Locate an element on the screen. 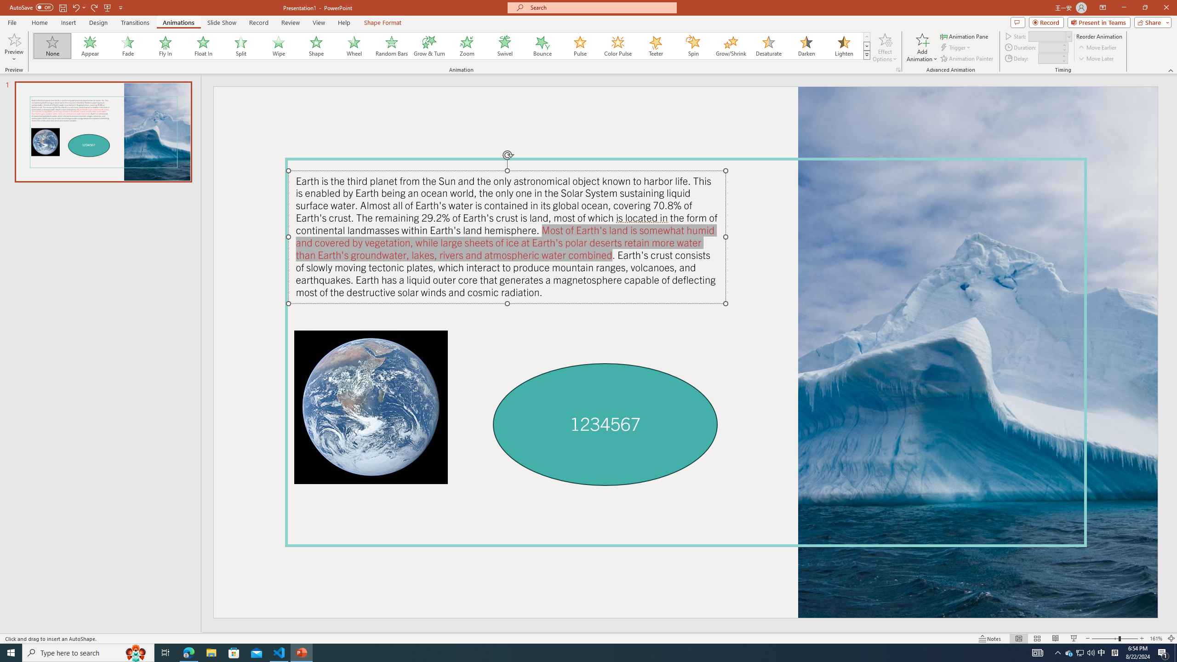 The width and height of the screenshot is (1177, 662). 'Preview' is located at coordinates (13, 39).